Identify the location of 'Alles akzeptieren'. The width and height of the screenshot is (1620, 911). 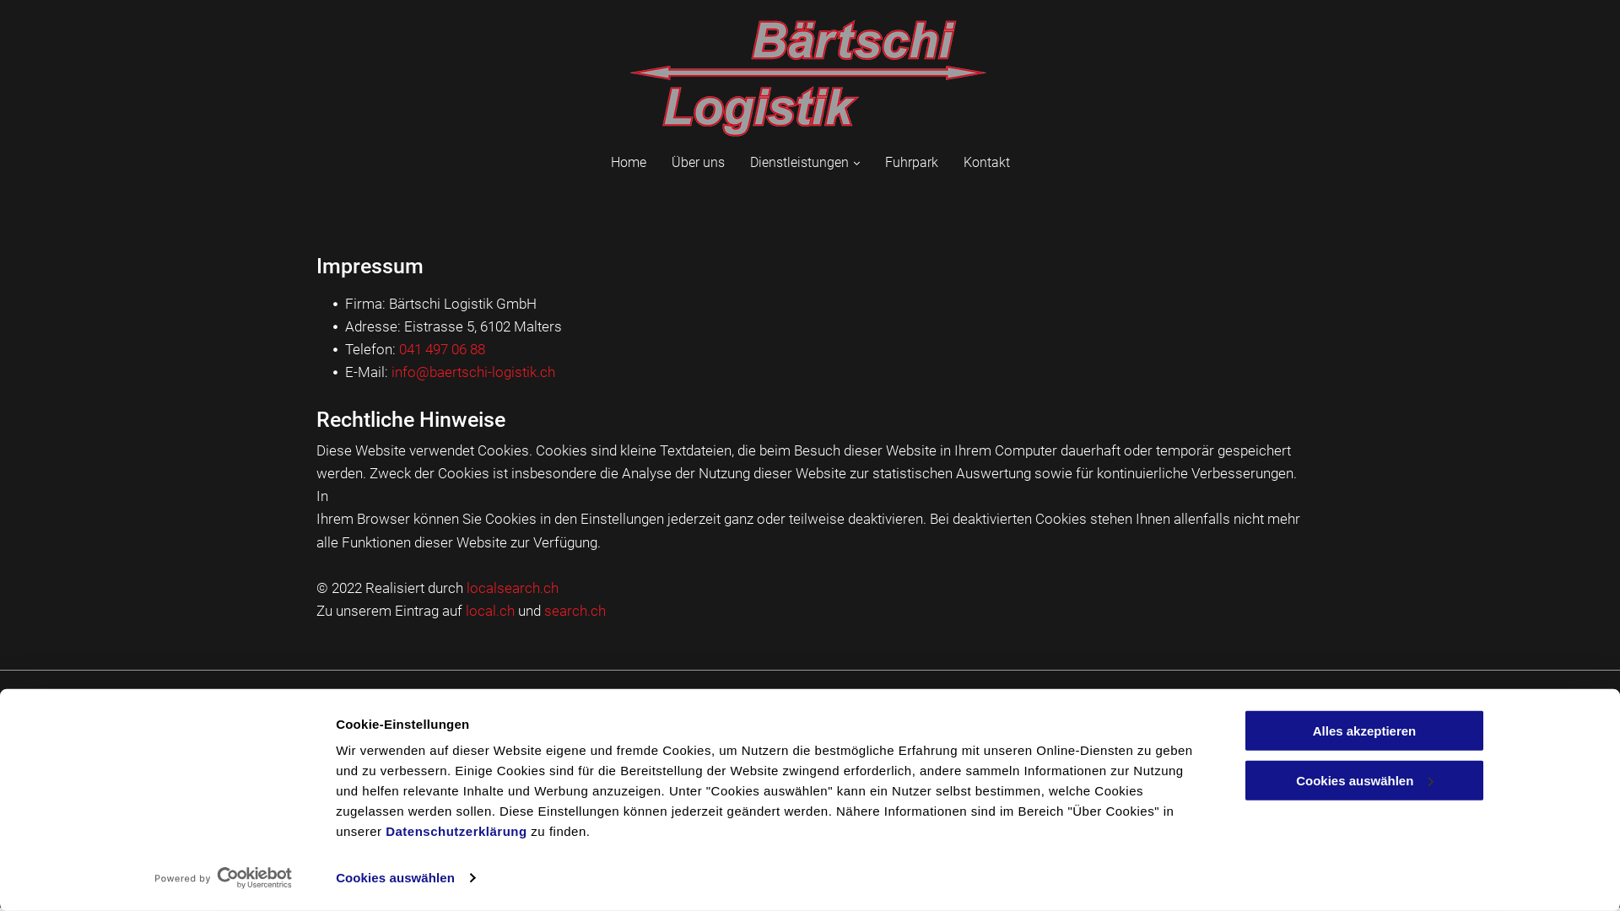
(1364, 730).